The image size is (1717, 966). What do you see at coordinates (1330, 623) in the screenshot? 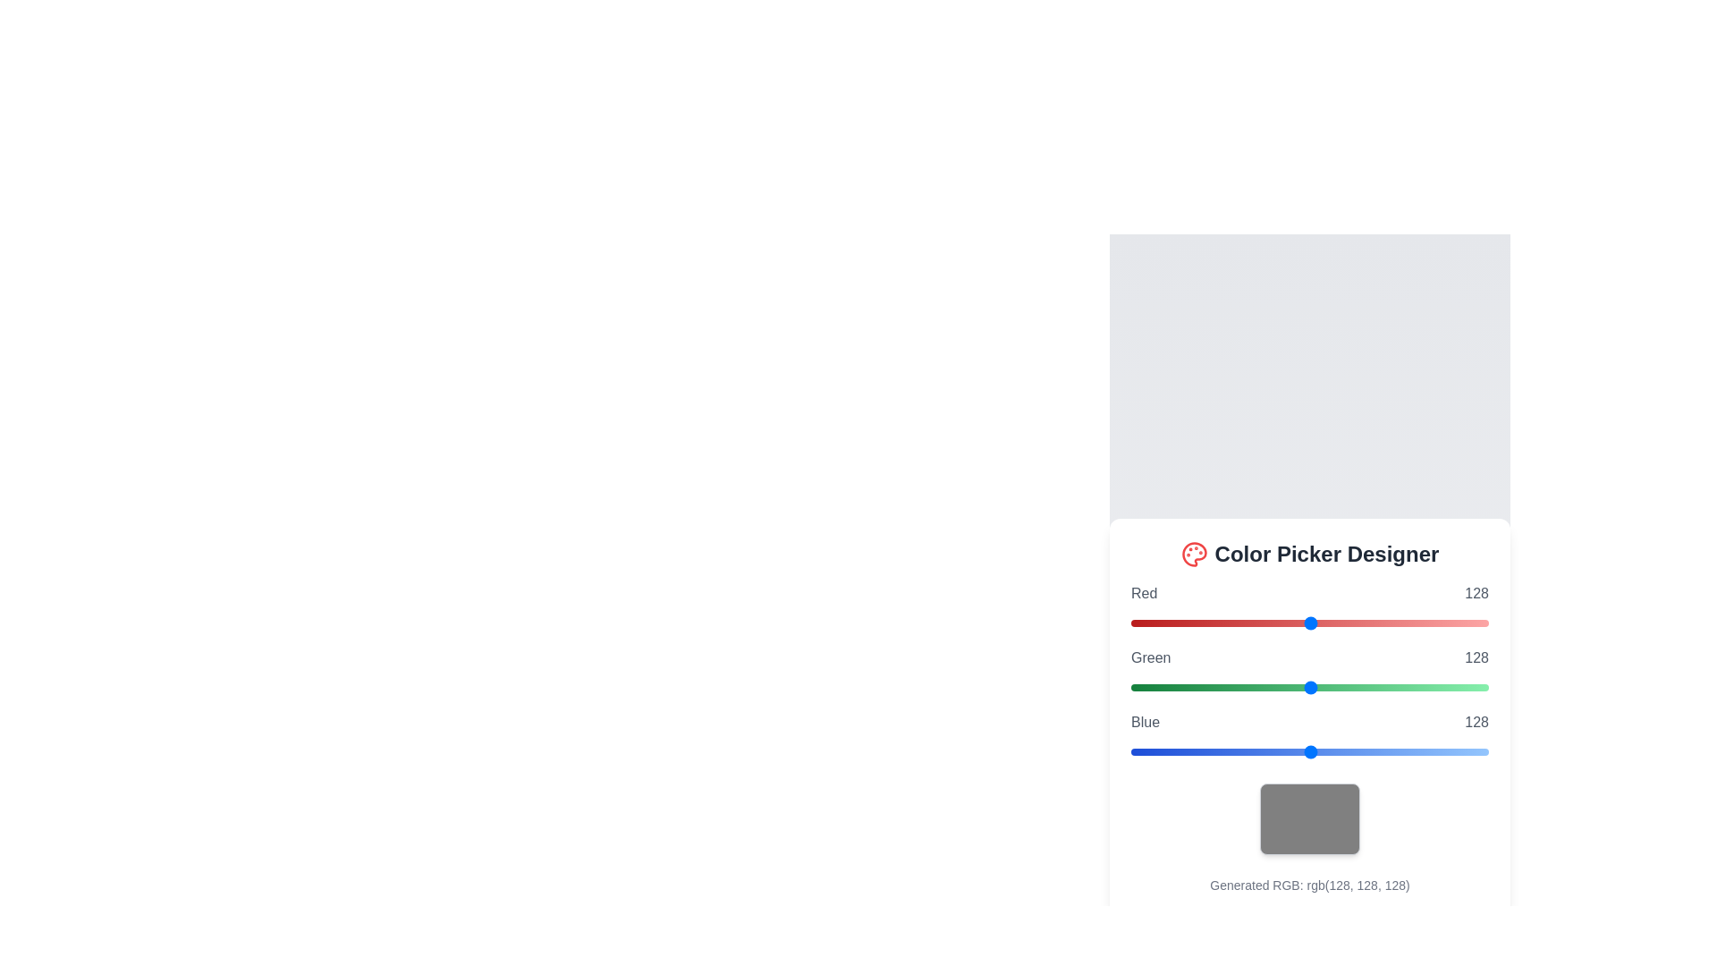
I see `the red color slider to set the value to 142` at bounding box center [1330, 623].